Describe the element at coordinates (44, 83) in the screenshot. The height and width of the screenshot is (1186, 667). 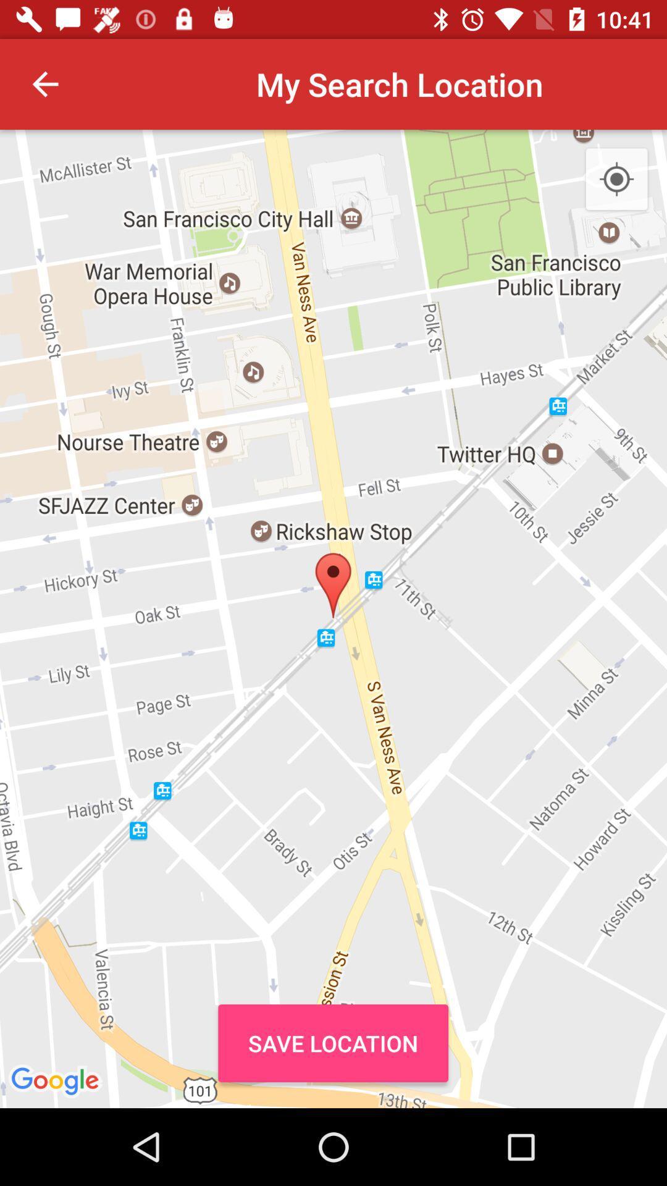
I see `icon at the top left corner` at that location.